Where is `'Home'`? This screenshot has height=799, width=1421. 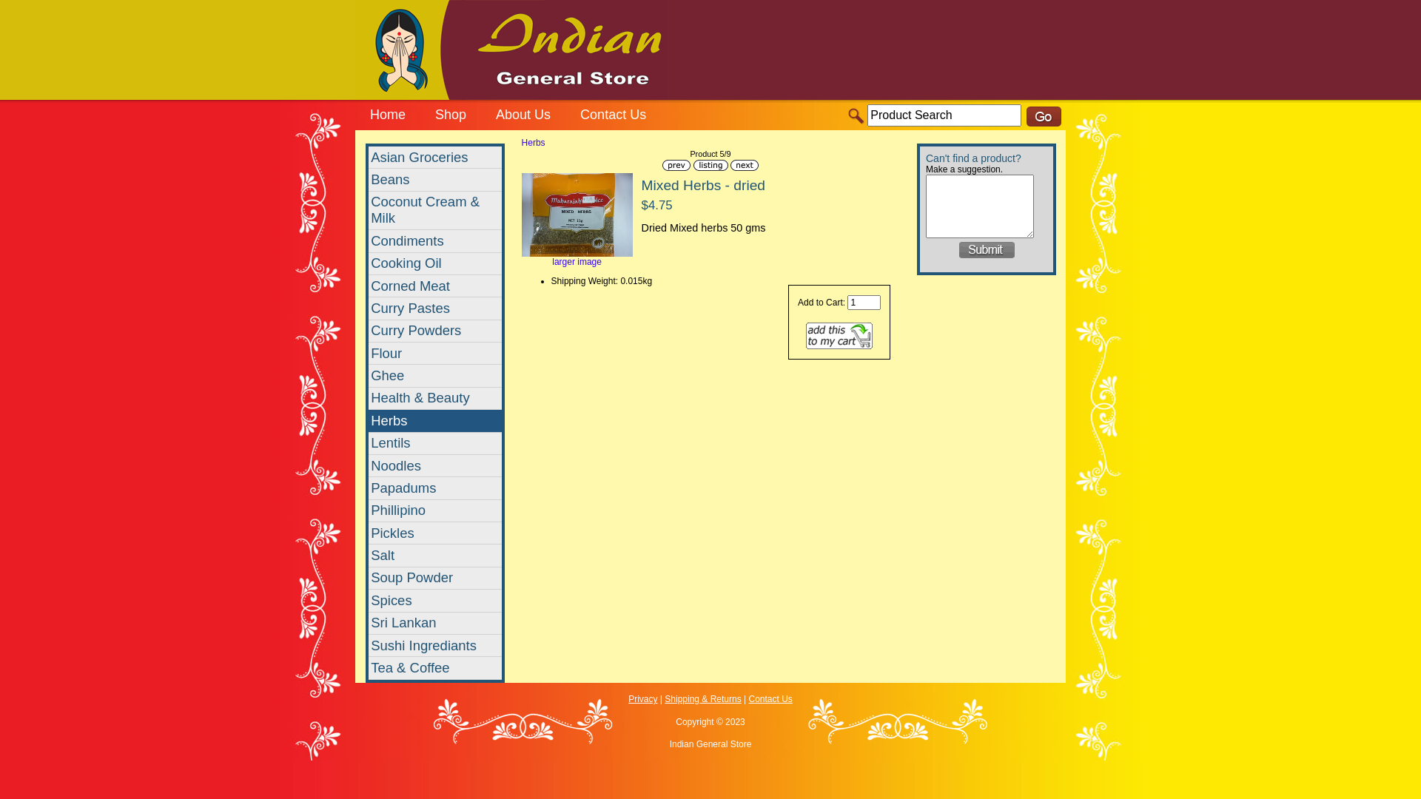 'Home' is located at coordinates (387, 115).